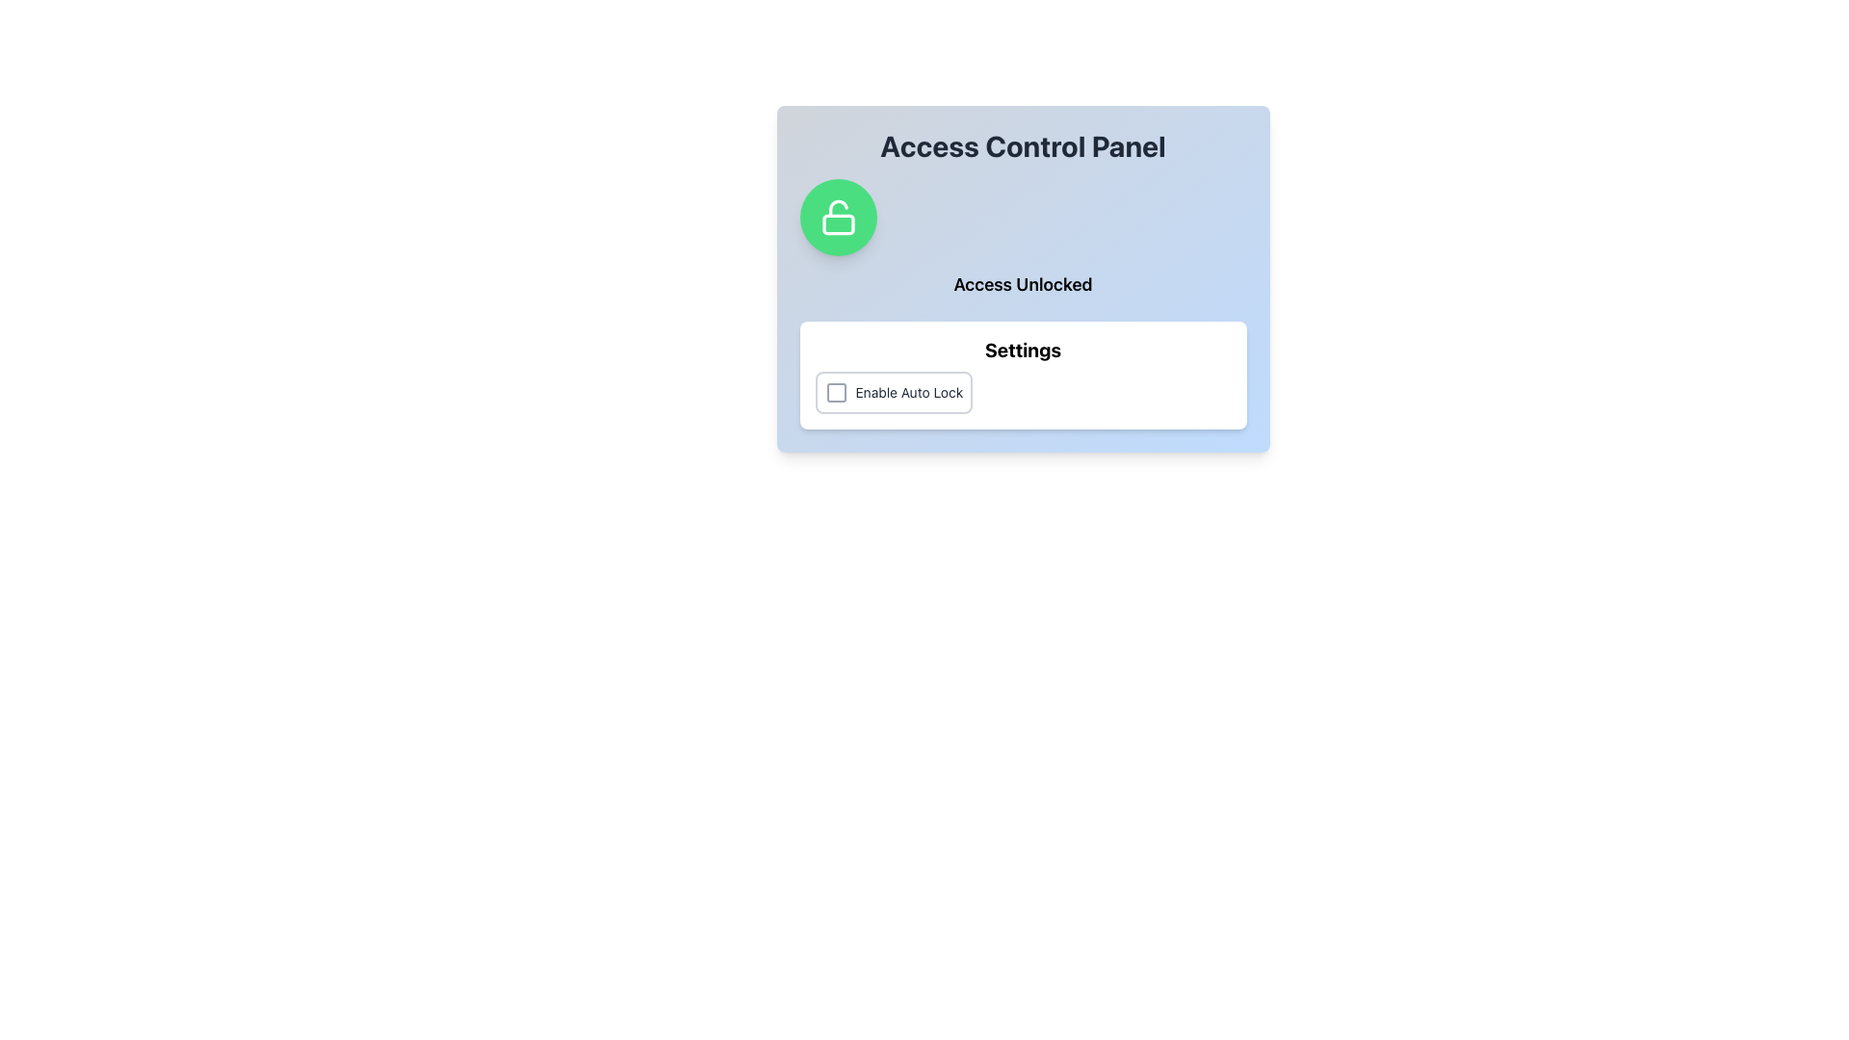 This screenshot has height=1040, width=1849. Describe the element at coordinates (1022, 285) in the screenshot. I see `the static text label displaying 'Access Unlocked', which is centrally positioned below a green lock icon and above a 'Settings' label` at that location.